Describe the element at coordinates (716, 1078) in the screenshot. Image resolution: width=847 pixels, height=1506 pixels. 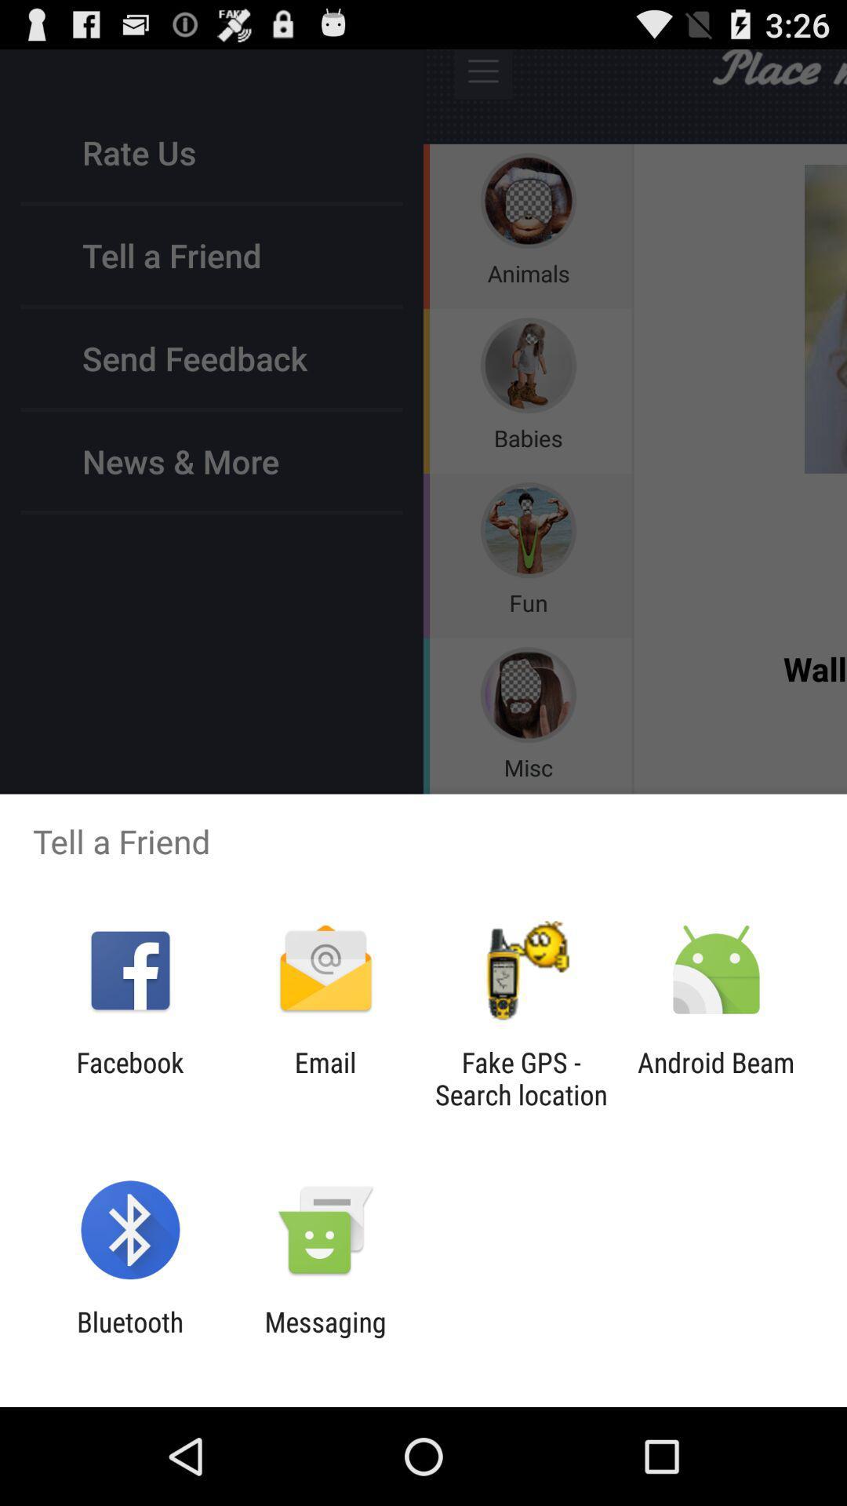
I see `the item to the right of the fake gps search icon` at that location.